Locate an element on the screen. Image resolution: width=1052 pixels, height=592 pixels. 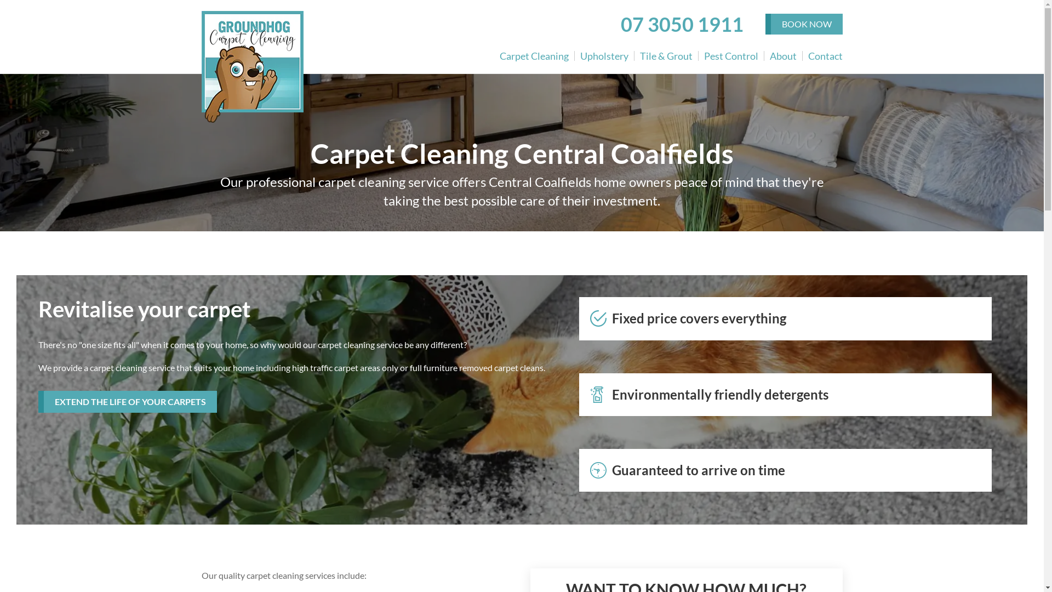
'Pest Control' is located at coordinates (731, 55).